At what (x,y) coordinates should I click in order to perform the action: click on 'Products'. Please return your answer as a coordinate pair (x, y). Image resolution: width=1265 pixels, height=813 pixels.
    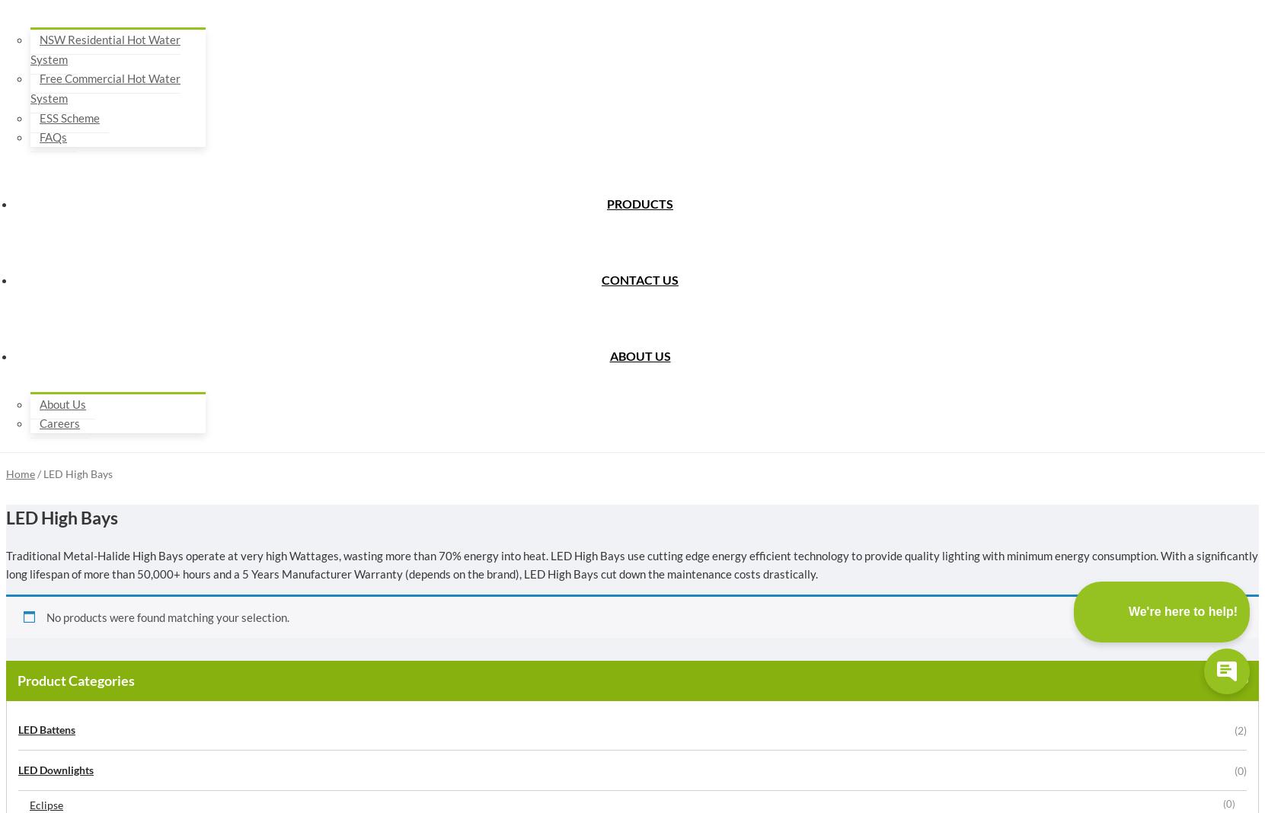
    Looking at the image, I should click on (640, 203).